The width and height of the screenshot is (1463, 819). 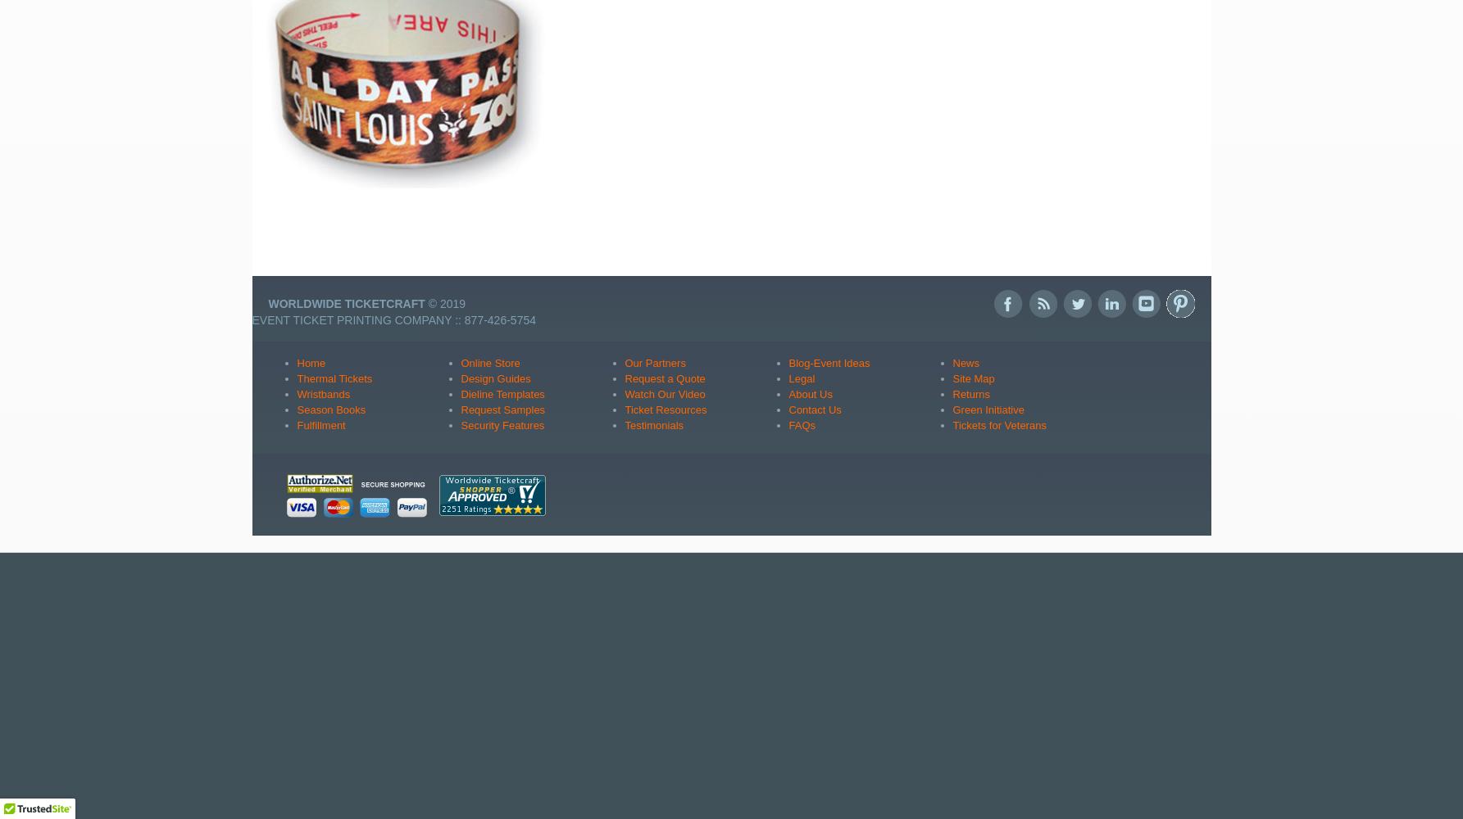 I want to click on 'Blog-Event Ideas', so click(x=828, y=361).